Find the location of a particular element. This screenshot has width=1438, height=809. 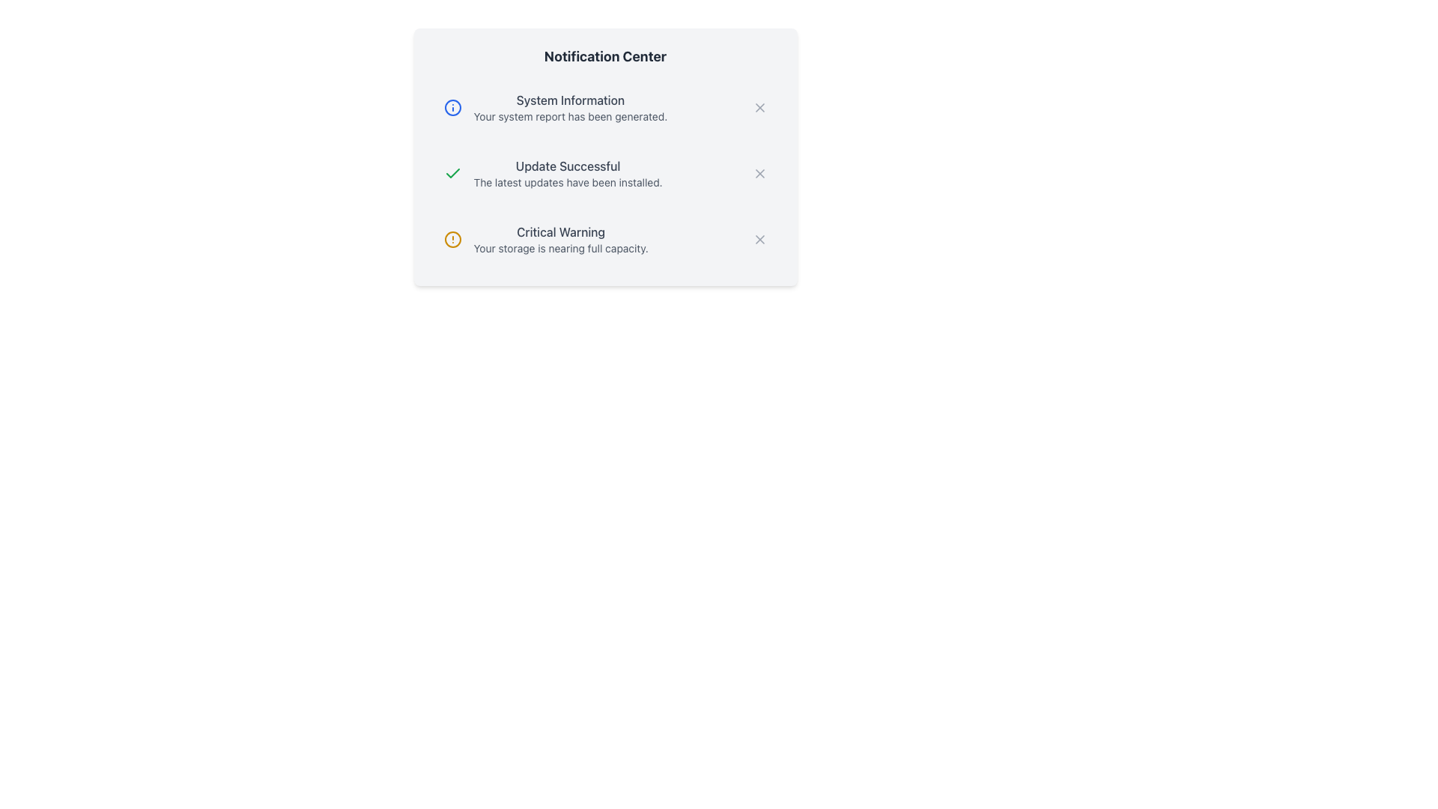

the close button located in the top-right corner of the 'Critical Warning' notification panel to change its color is located at coordinates (759, 239).